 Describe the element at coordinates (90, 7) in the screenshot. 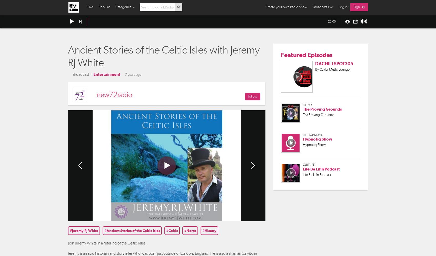

I see `'Live'` at that location.